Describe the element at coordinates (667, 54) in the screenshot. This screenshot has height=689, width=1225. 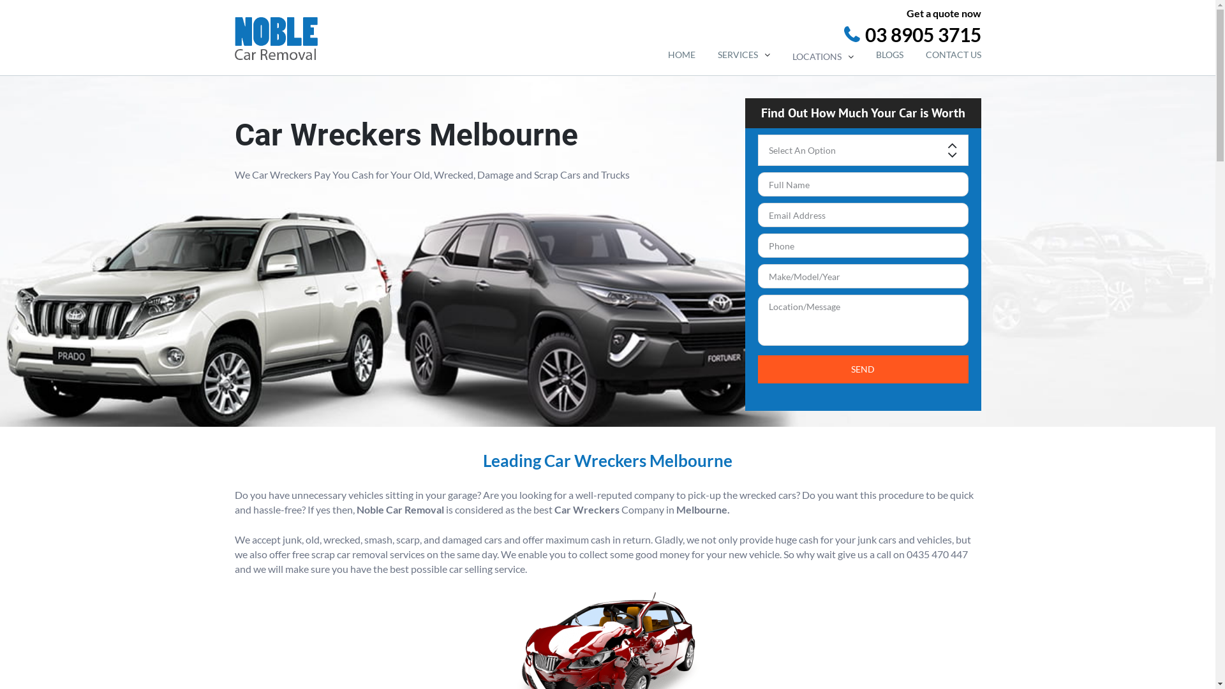
I see `'HOME'` at that location.